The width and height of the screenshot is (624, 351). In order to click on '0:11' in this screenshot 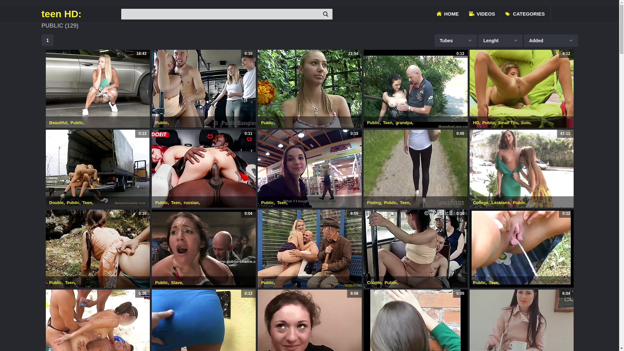, I will do `click(203, 168)`.